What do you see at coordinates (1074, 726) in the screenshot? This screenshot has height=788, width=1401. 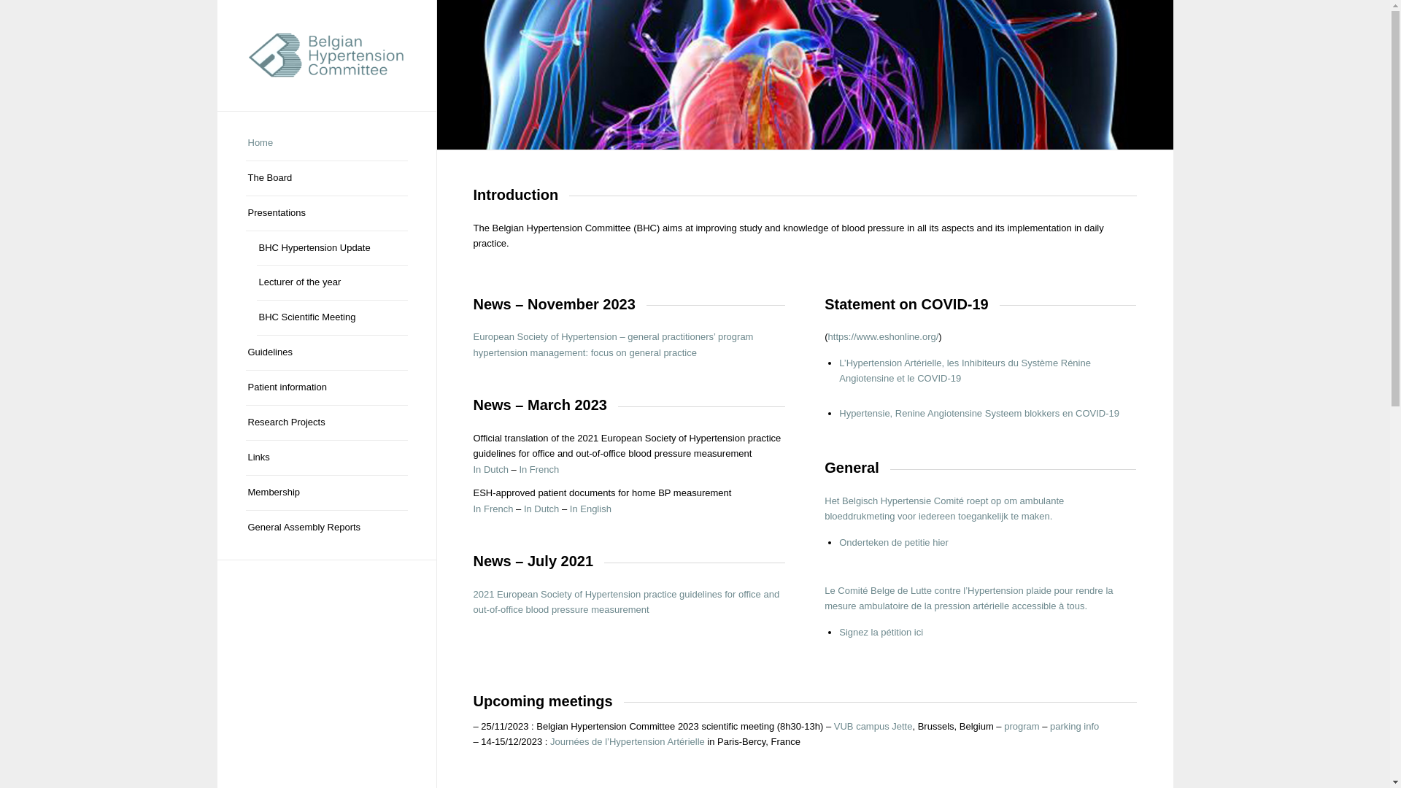 I see `'parking info'` at bounding box center [1074, 726].